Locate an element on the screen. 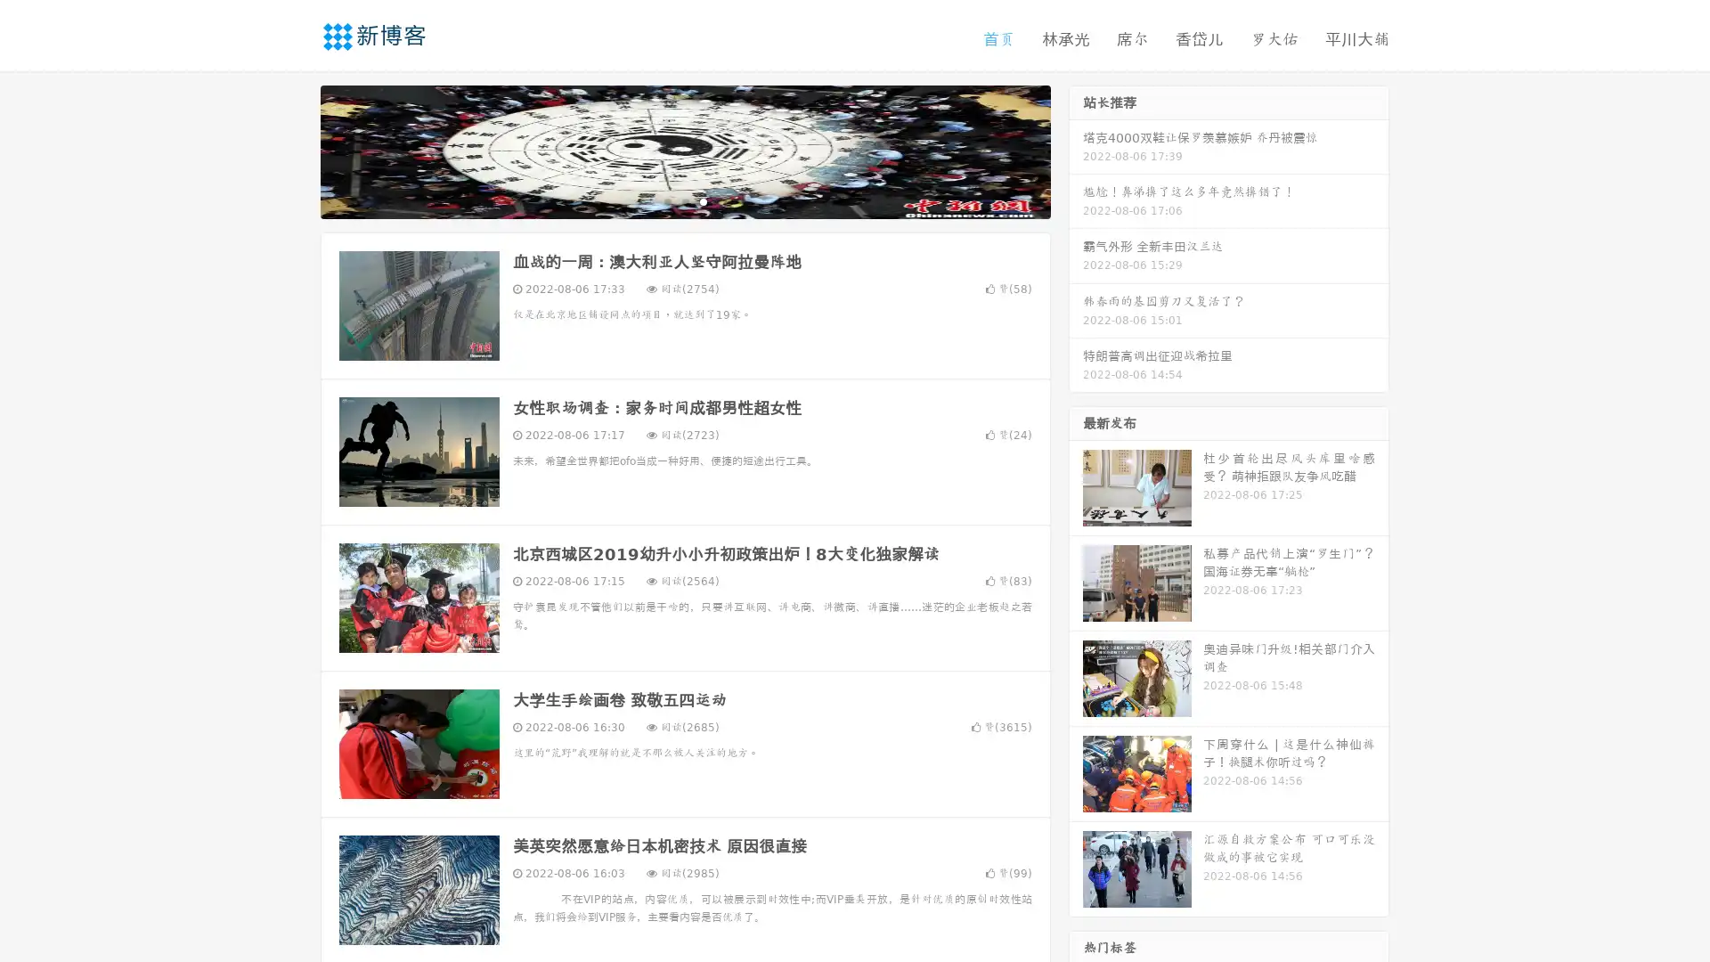  Previous slide is located at coordinates (294, 150).